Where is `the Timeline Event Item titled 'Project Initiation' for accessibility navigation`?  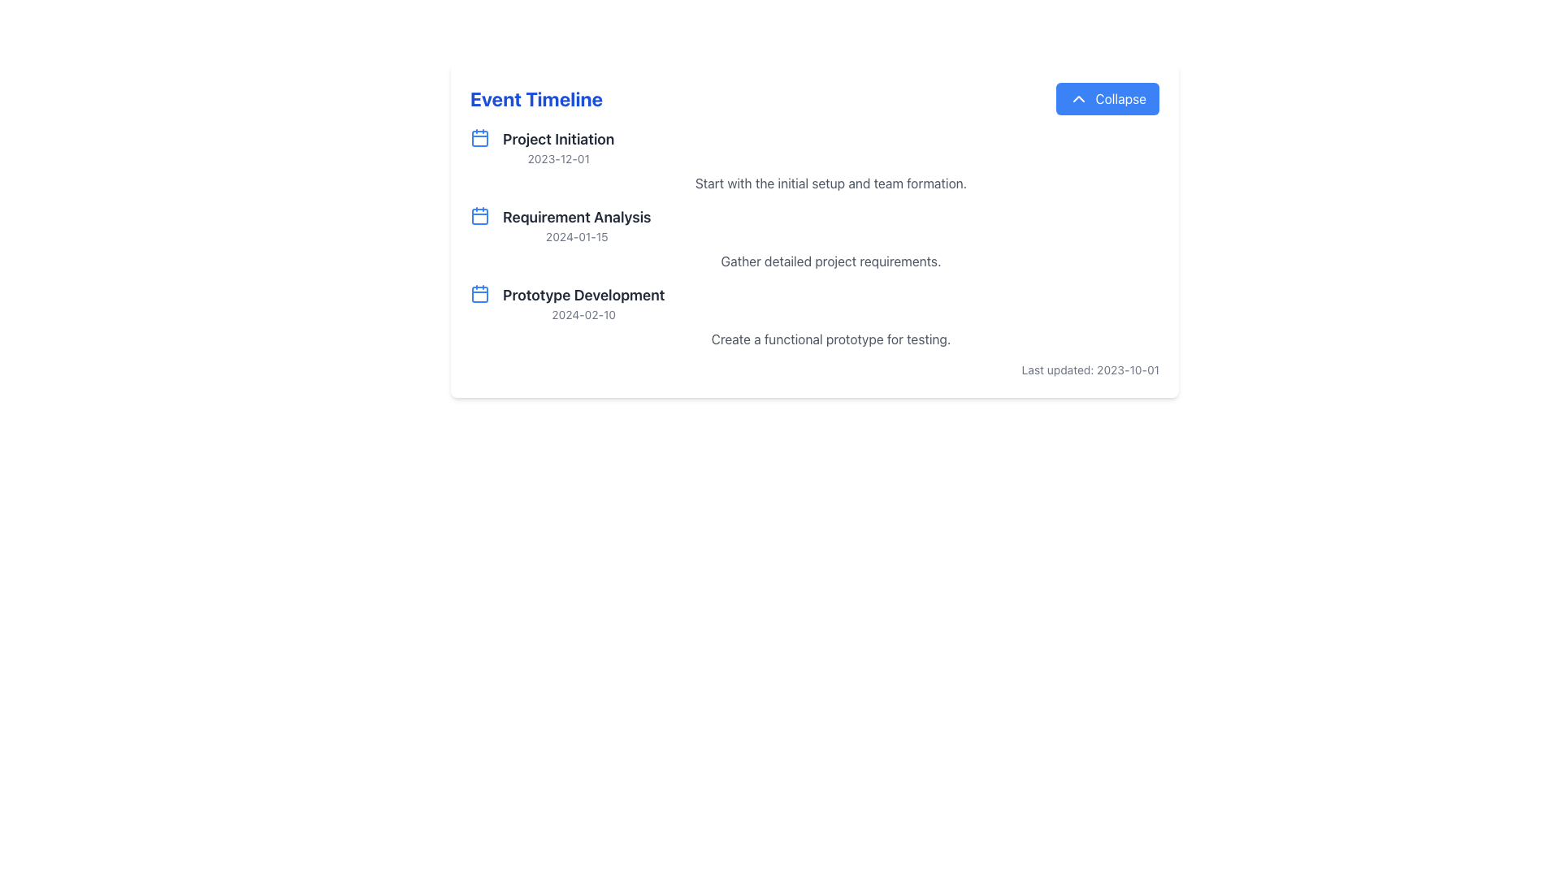 the Timeline Event Item titled 'Project Initiation' for accessibility navigation is located at coordinates (815, 160).